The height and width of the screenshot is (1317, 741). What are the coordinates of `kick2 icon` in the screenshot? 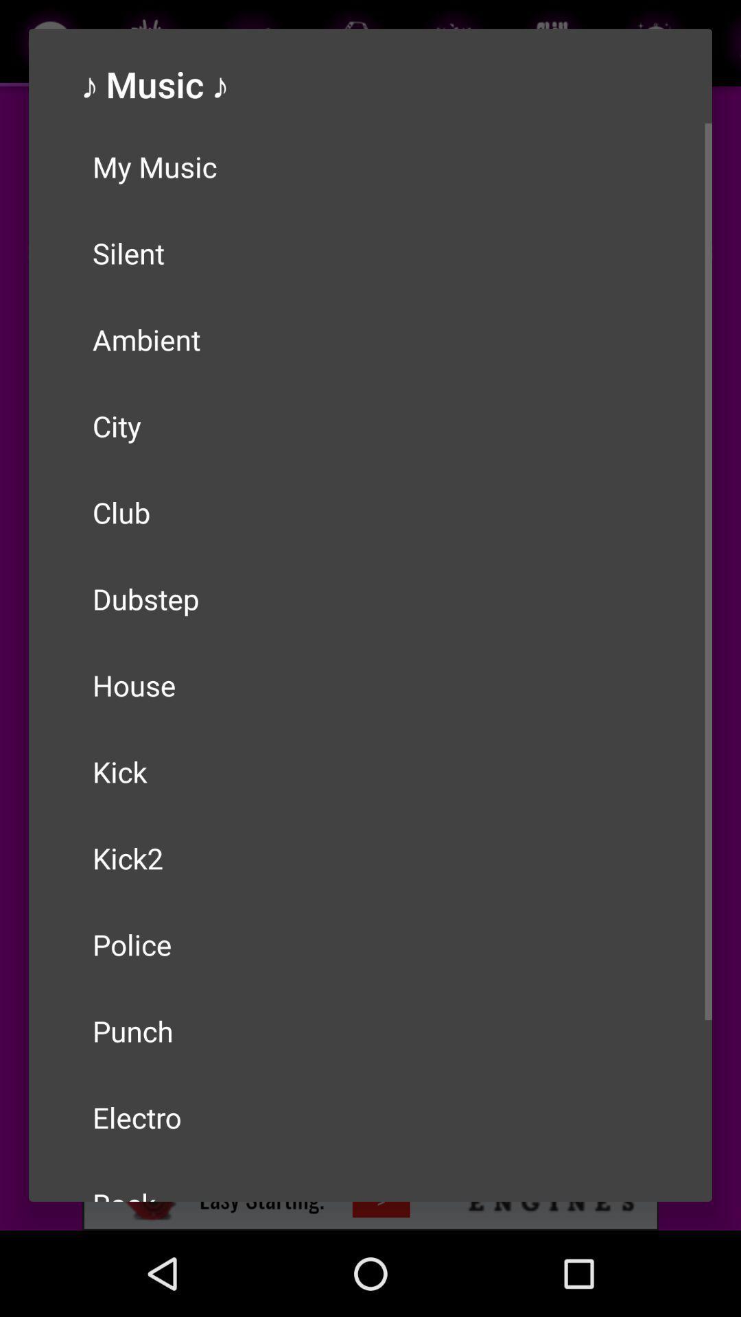 It's located at (370, 857).